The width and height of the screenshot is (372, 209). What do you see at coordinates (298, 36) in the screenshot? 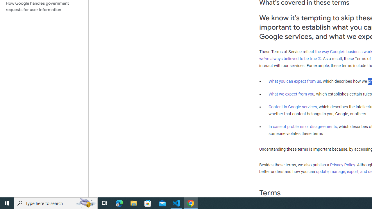
I see `'services'` at bounding box center [298, 36].